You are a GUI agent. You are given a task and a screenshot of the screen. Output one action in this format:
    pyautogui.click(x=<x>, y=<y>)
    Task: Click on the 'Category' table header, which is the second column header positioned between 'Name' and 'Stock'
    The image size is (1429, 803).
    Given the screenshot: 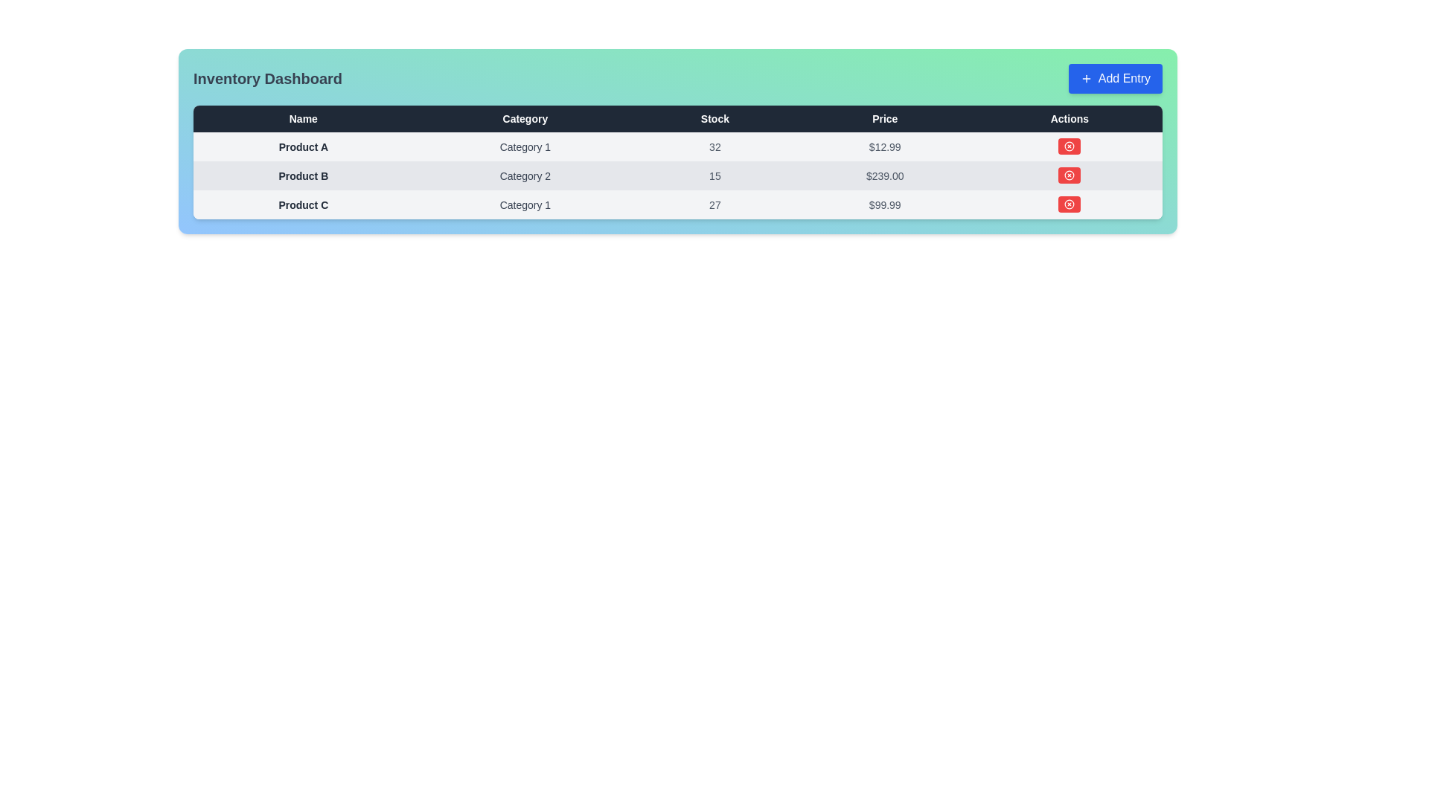 What is the action you would take?
    pyautogui.click(x=525, y=117)
    